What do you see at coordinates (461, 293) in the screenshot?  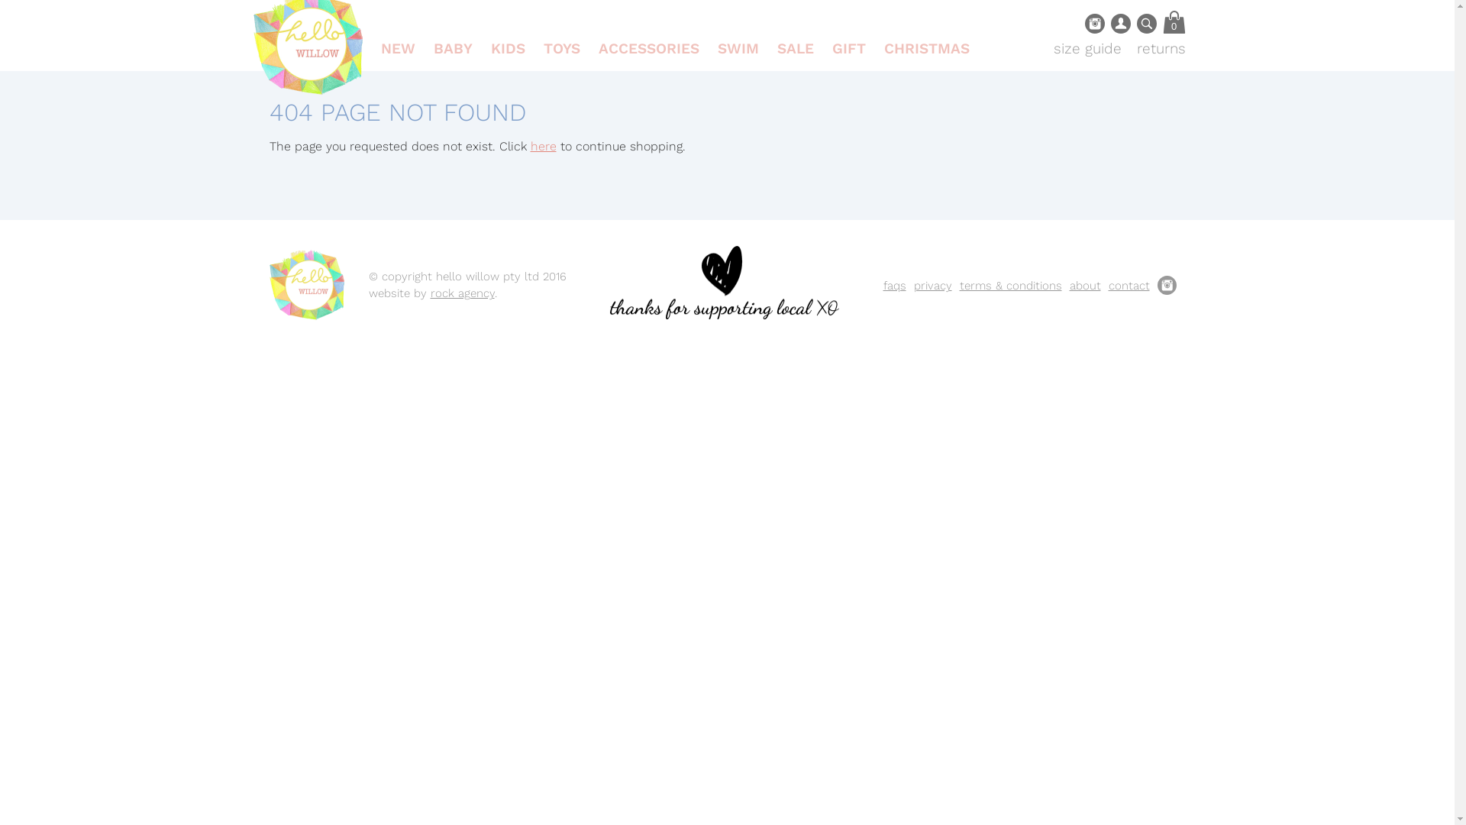 I see `'rock agency'` at bounding box center [461, 293].